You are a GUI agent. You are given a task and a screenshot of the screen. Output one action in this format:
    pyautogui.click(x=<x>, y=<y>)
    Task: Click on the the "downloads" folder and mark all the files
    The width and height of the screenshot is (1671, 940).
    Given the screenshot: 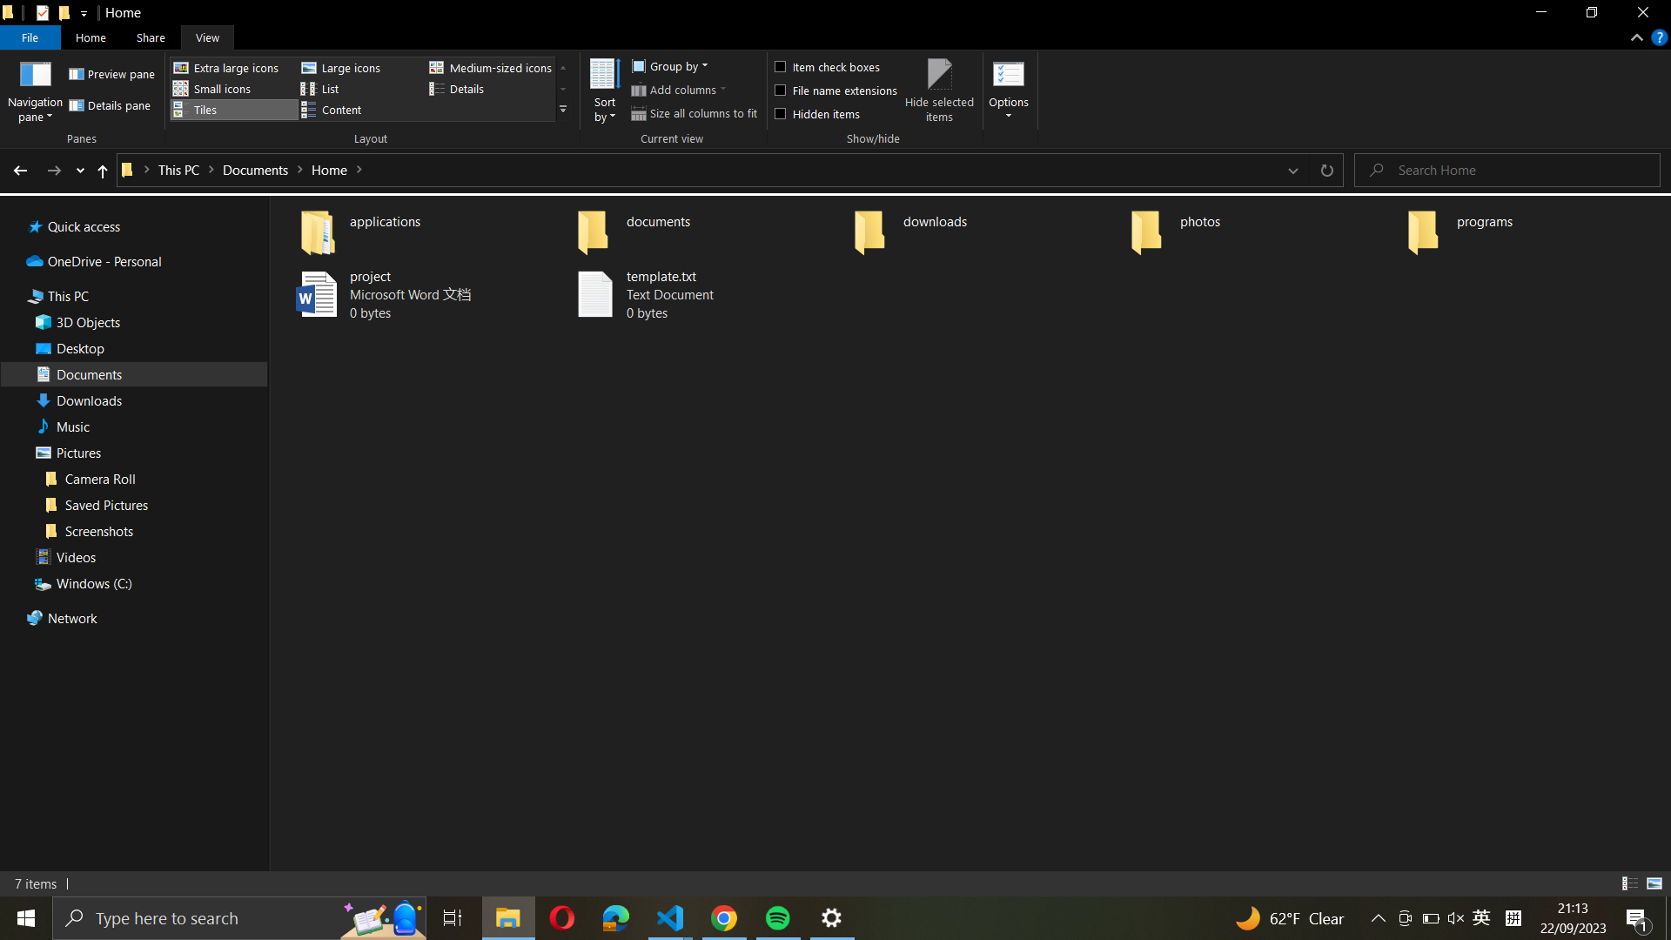 What is the action you would take?
    pyautogui.click(x=985, y=227)
    